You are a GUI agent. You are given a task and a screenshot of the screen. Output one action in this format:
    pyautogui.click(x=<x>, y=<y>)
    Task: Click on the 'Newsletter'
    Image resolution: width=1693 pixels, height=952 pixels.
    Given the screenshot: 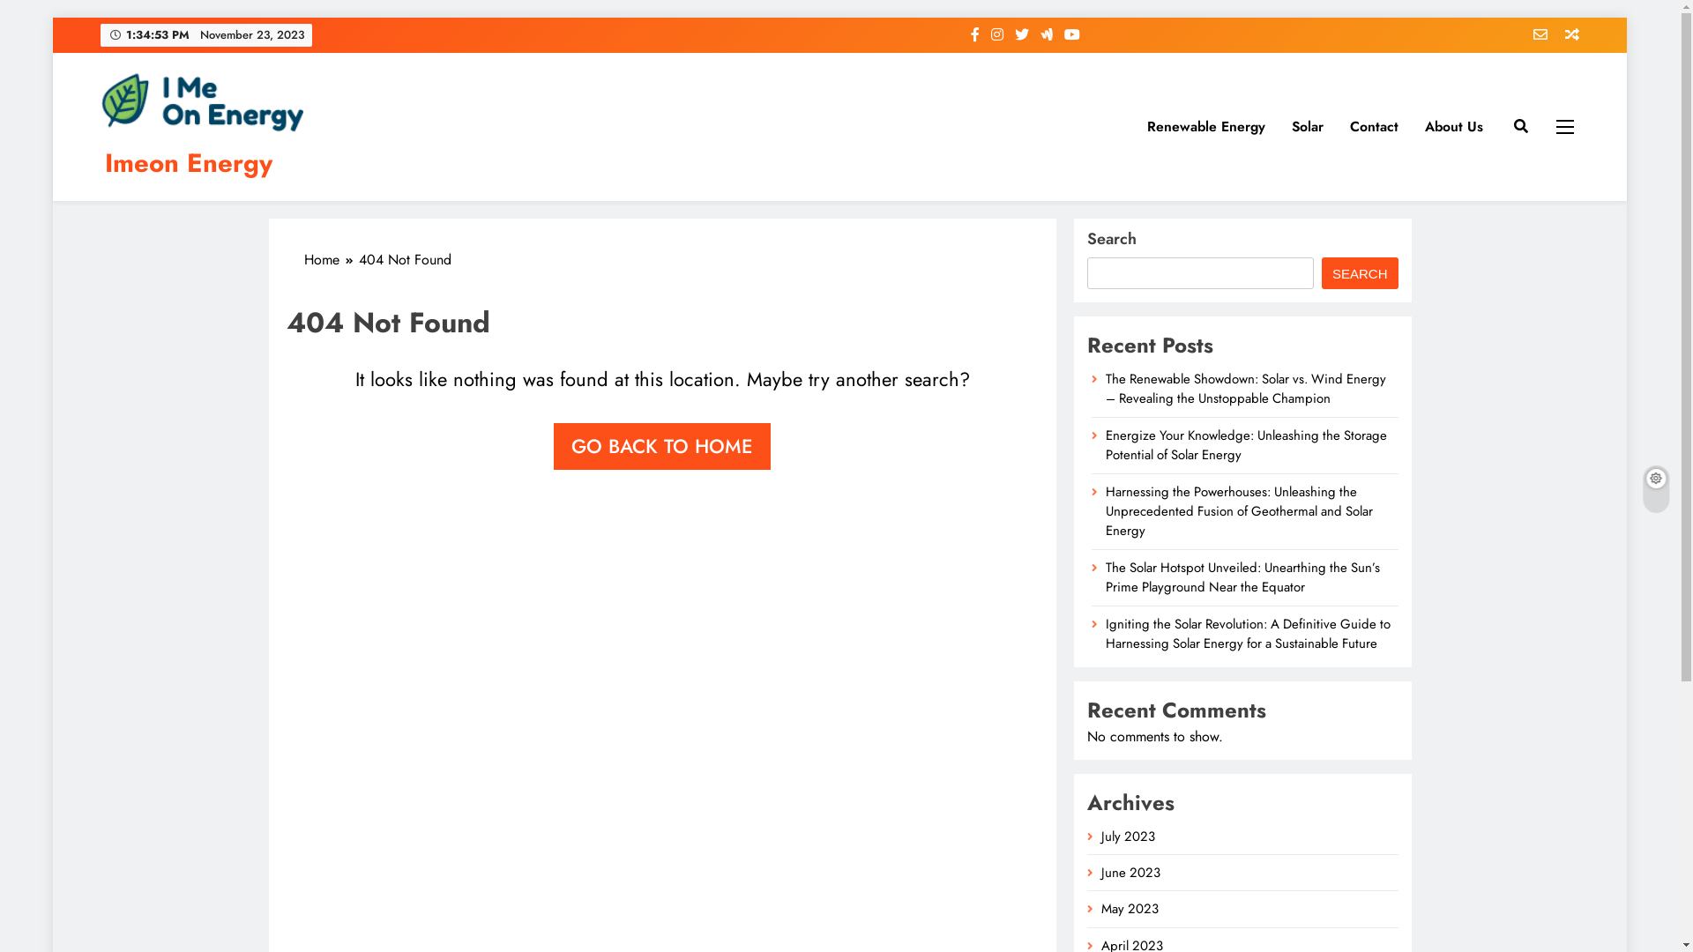 What is the action you would take?
    pyautogui.click(x=1533, y=34)
    